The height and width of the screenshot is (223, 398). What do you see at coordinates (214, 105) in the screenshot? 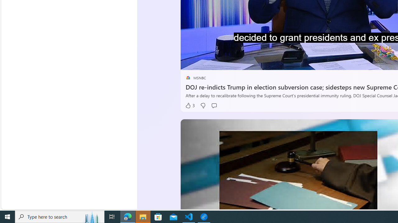
I see `'Start the conversation'` at bounding box center [214, 105].